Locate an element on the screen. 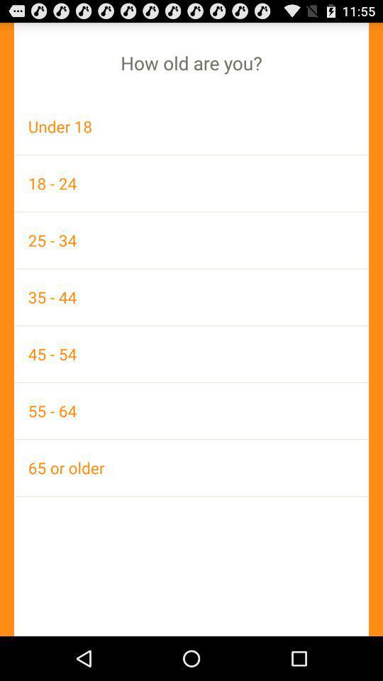 This screenshot has width=383, height=681. icon above 25 - 34 app is located at coordinates (191, 182).